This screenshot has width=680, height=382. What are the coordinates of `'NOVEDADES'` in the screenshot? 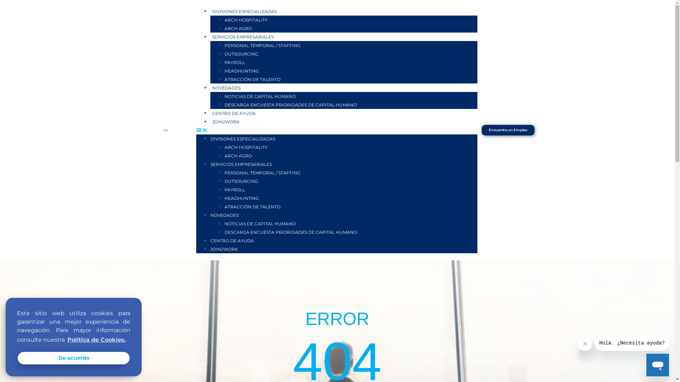 It's located at (224, 215).